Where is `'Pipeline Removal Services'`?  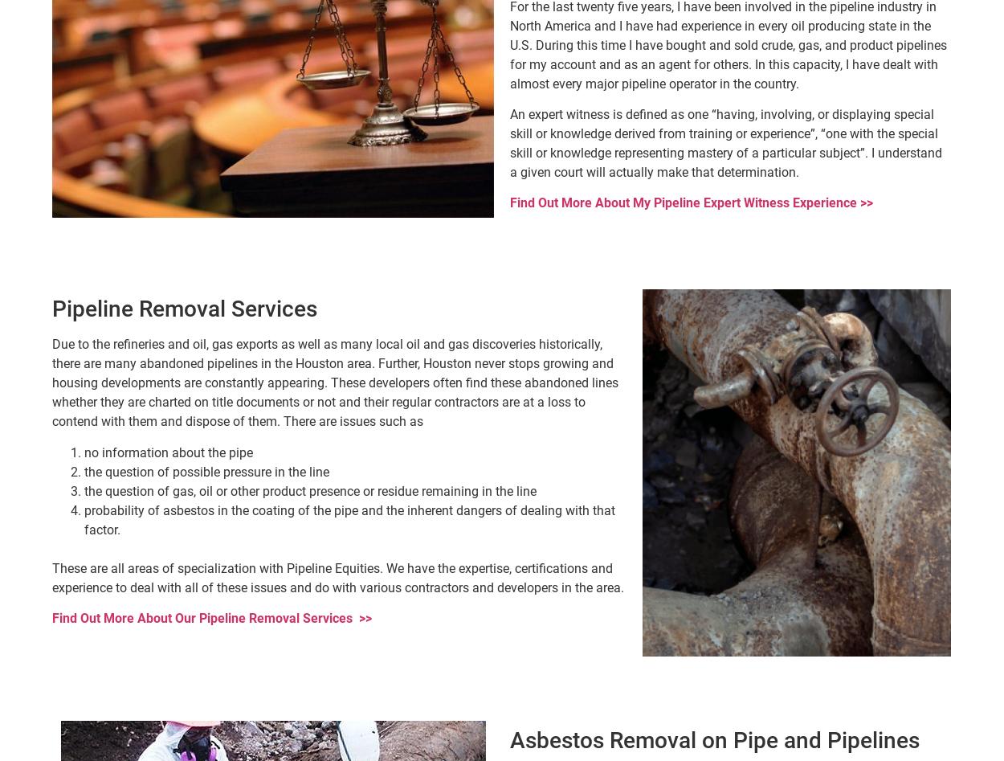 'Pipeline Removal Services' is located at coordinates (51, 308).